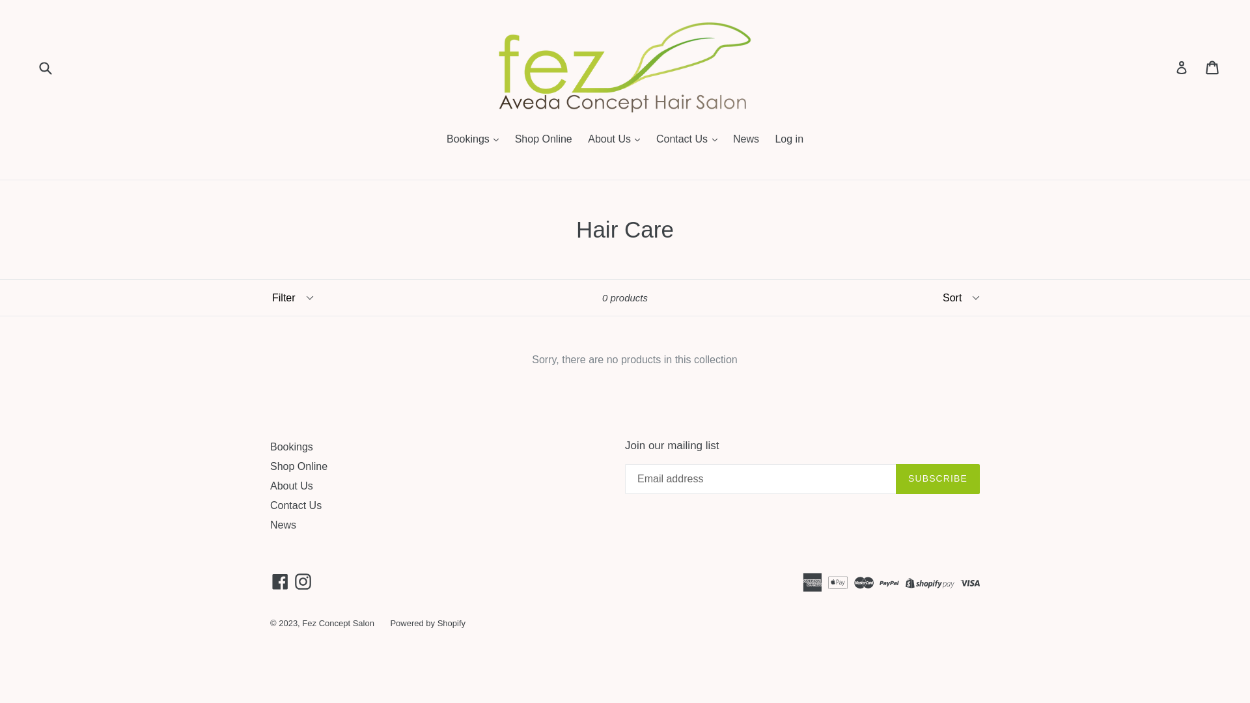 Image resolution: width=1250 pixels, height=703 pixels. Describe the element at coordinates (338, 622) in the screenshot. I see `'Fez Concept Salon'` at that location.